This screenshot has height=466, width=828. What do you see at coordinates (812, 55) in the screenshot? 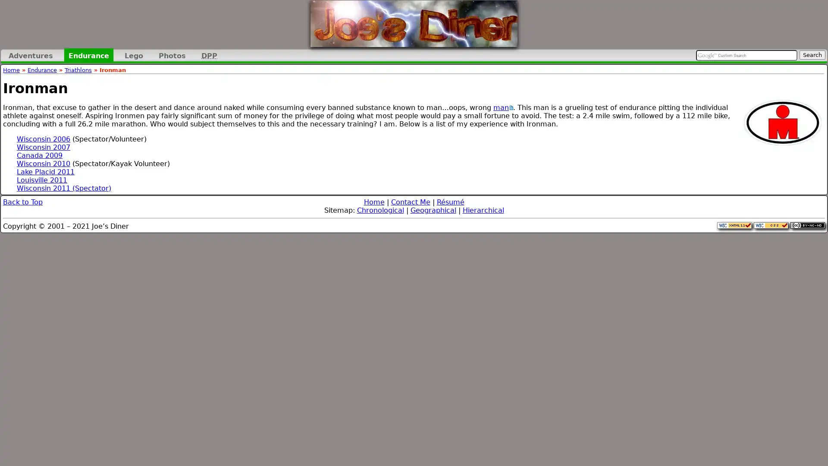
I see `Search` at bounding box center [812, 55].